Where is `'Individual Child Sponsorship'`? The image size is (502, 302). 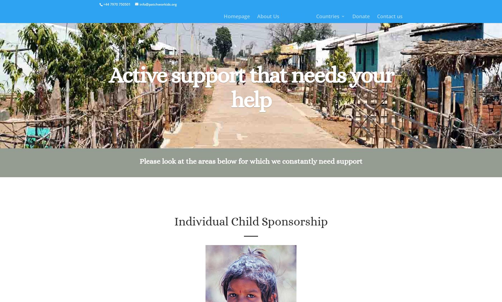
'Individual Child Sponsorship' is located at coordinates (250, 221).